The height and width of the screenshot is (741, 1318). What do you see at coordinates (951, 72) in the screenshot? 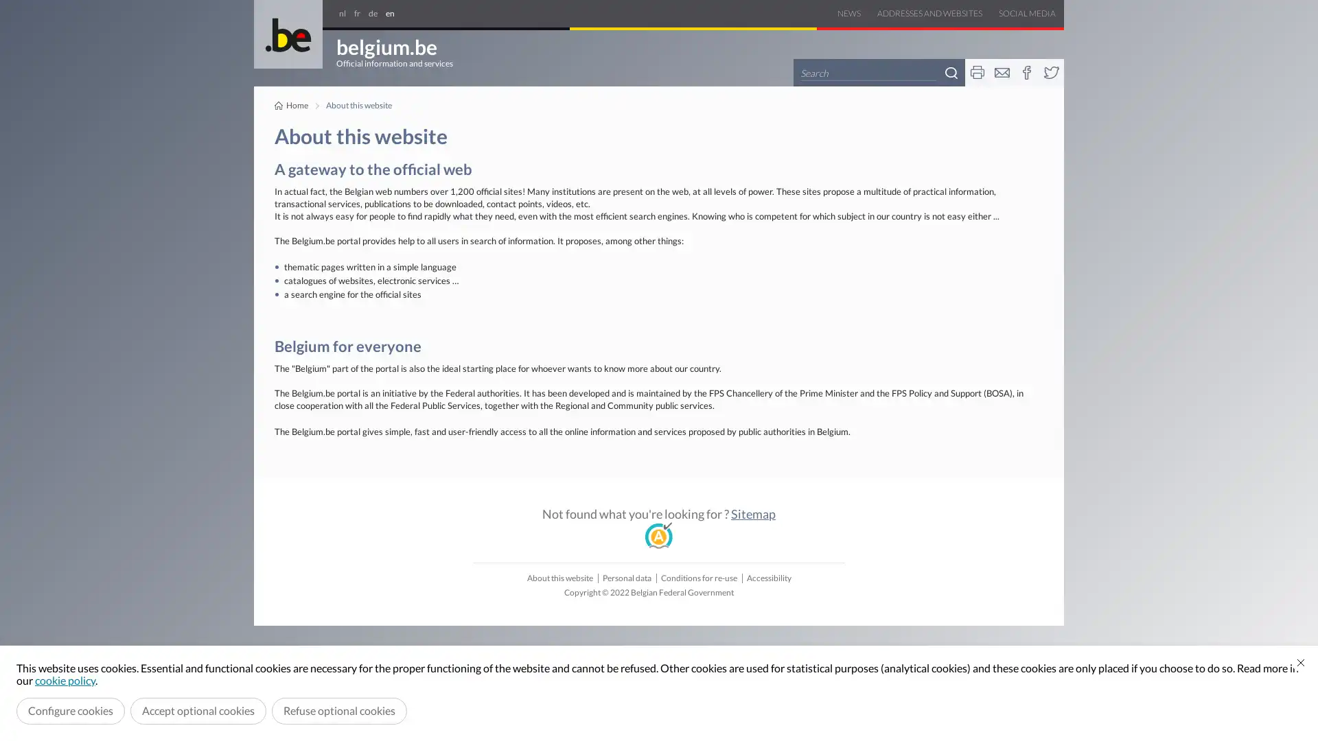
I see `Search` at bounding box center [951, 72].